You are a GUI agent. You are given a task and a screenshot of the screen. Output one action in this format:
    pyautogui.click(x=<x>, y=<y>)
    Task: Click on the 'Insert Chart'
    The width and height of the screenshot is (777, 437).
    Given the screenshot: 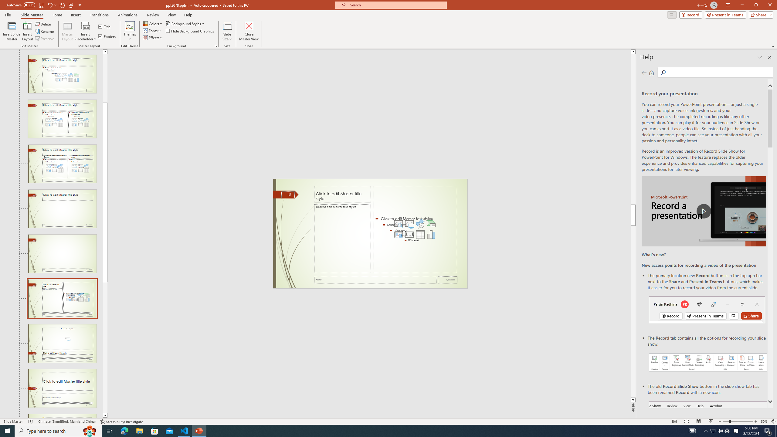 What is the action you would take?
    pyautogui.click(x=431, y=235)
    